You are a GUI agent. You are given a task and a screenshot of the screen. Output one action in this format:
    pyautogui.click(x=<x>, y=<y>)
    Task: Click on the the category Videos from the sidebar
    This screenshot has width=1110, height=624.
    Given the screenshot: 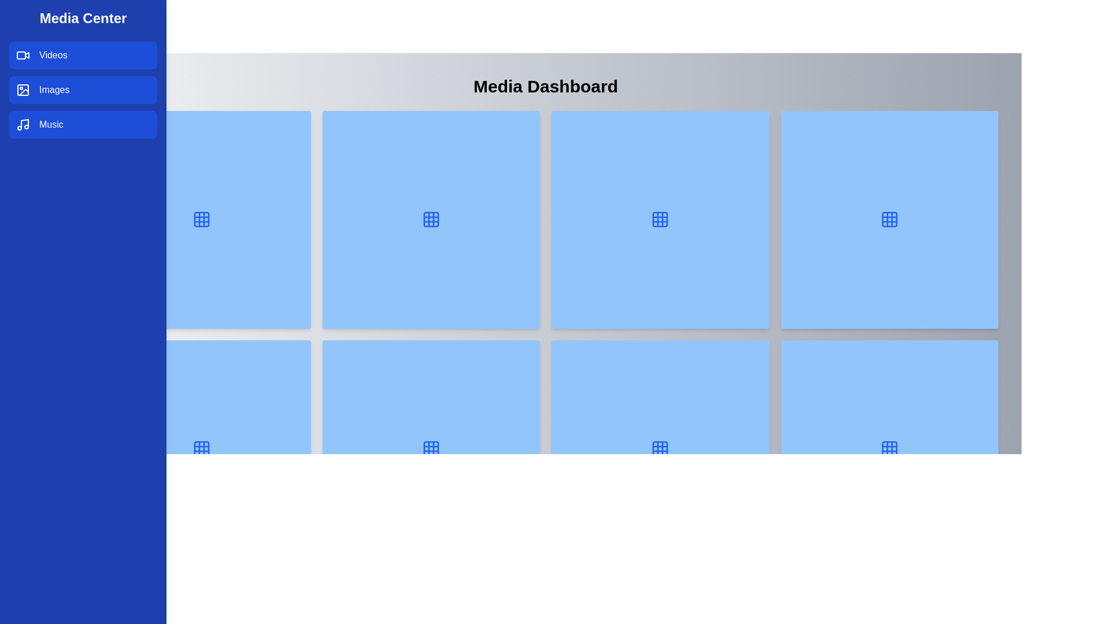 What is the action you would take?
    pyautogui.click(x=83, y=55)
    